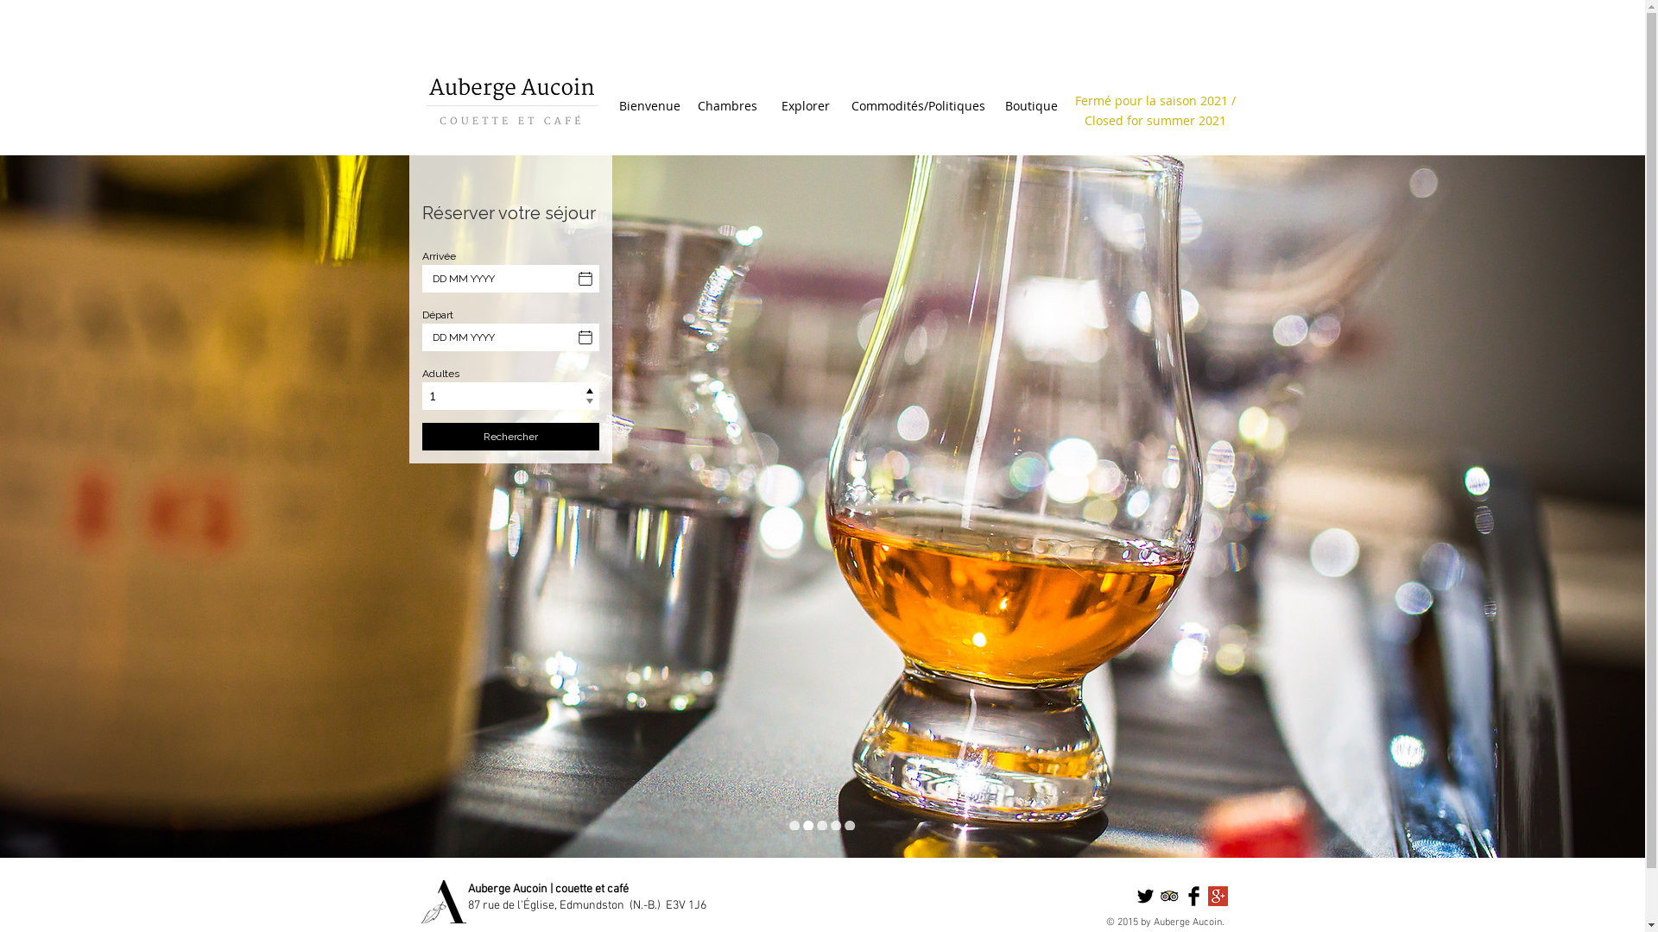 This screenshot has height=932, width=1658. I want to click on 'Closed for summer 2021', so click(1155, 119).